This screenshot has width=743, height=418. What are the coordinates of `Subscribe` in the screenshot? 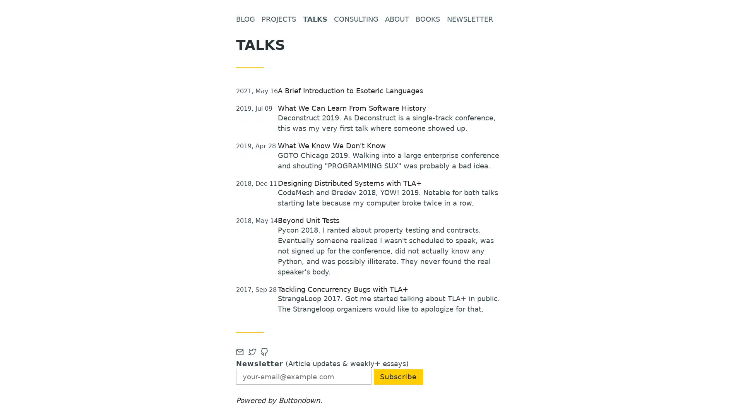 It's located at (398, 376).